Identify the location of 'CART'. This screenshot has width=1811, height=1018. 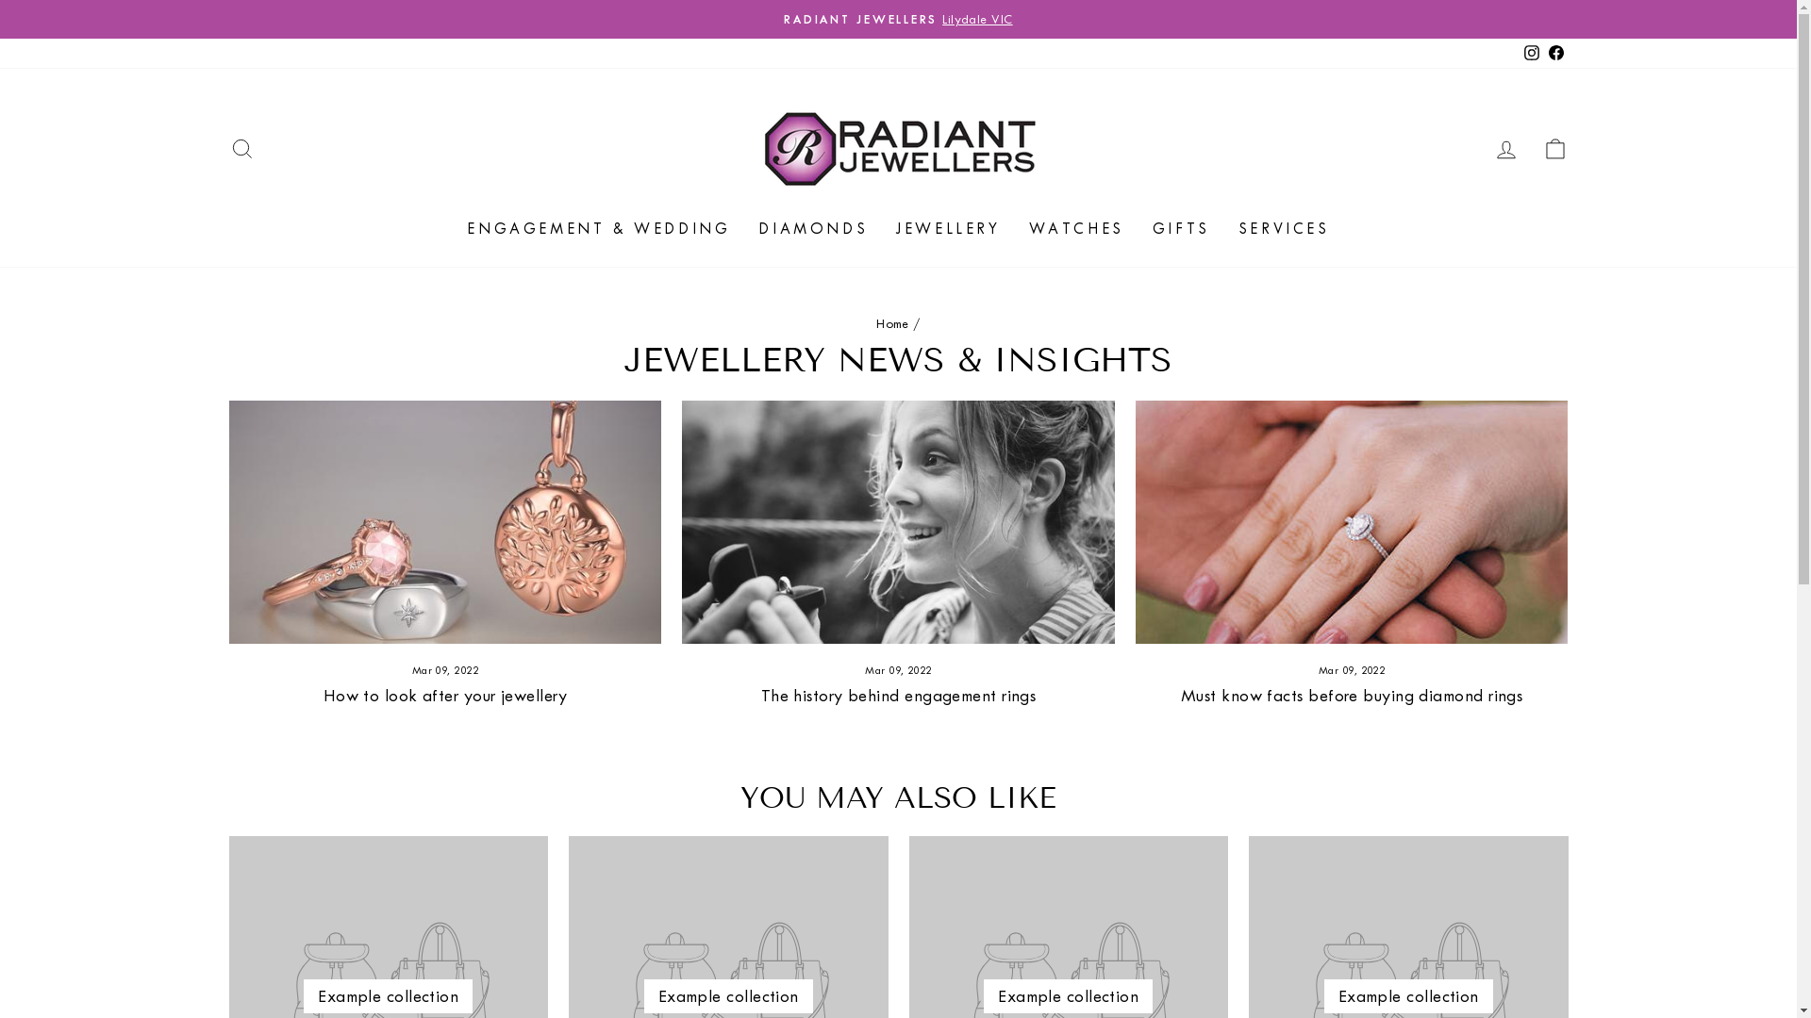
(1530, 147).